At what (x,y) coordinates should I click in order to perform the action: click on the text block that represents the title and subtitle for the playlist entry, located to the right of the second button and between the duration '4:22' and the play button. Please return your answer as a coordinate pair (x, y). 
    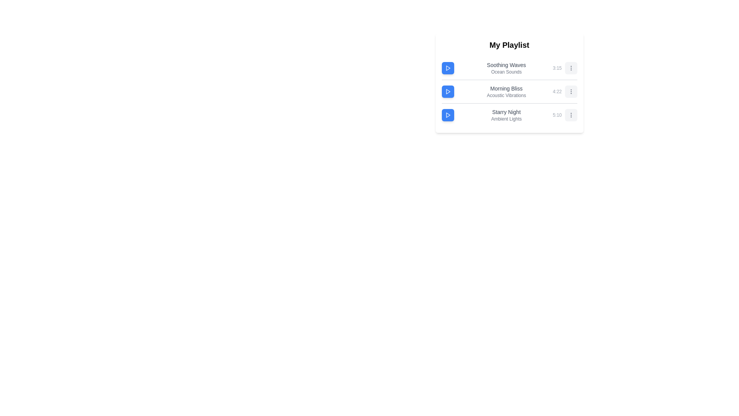
    Looking at the image, I should click on (506, 91).